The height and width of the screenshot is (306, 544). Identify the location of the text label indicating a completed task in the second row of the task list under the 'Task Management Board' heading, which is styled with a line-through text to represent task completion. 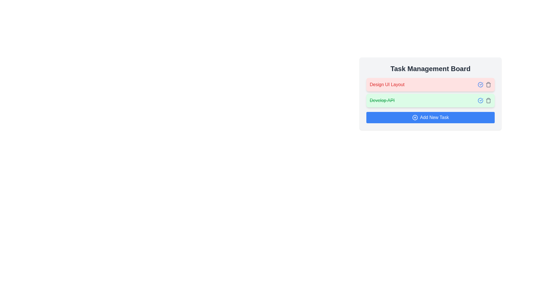
(382, 100).